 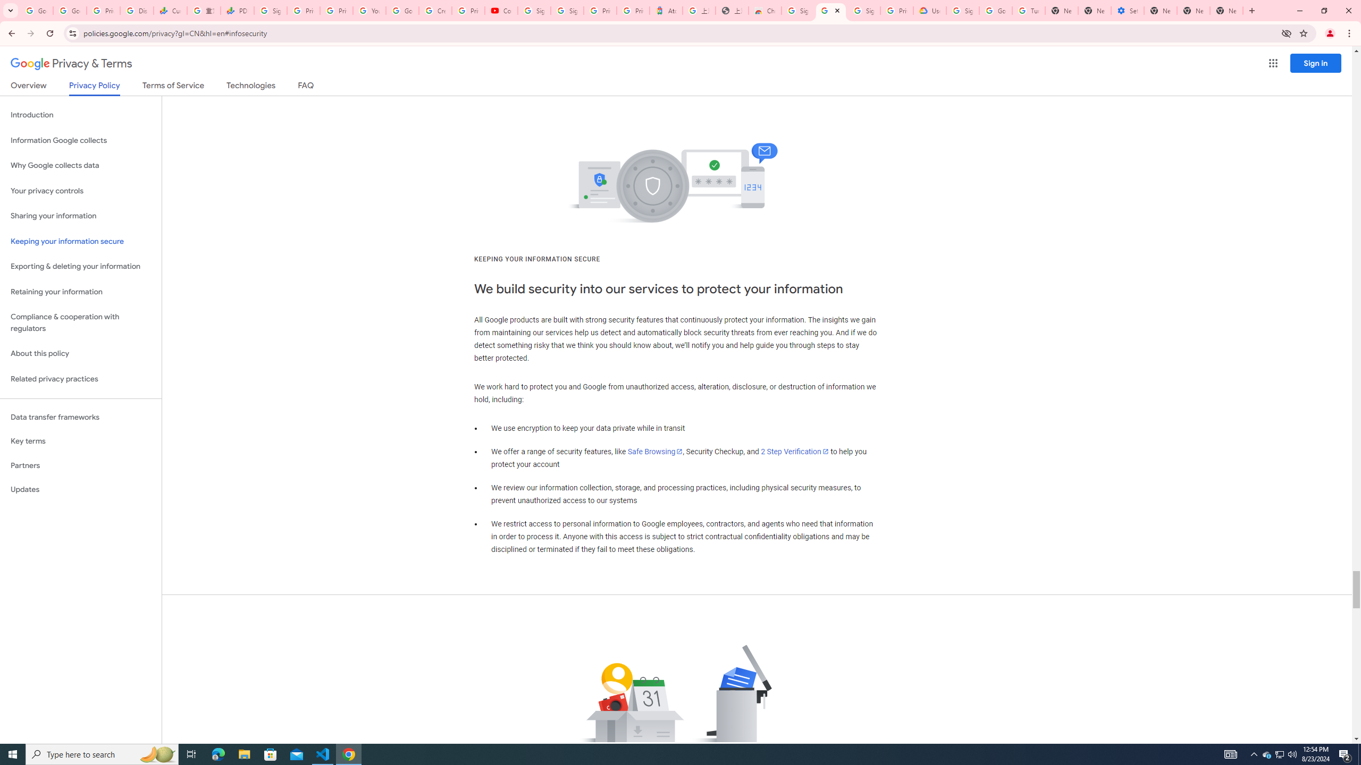 I want to click on 'Turn cookies on or off - Computer - Google Account Help', so click(x=1028, y=10).